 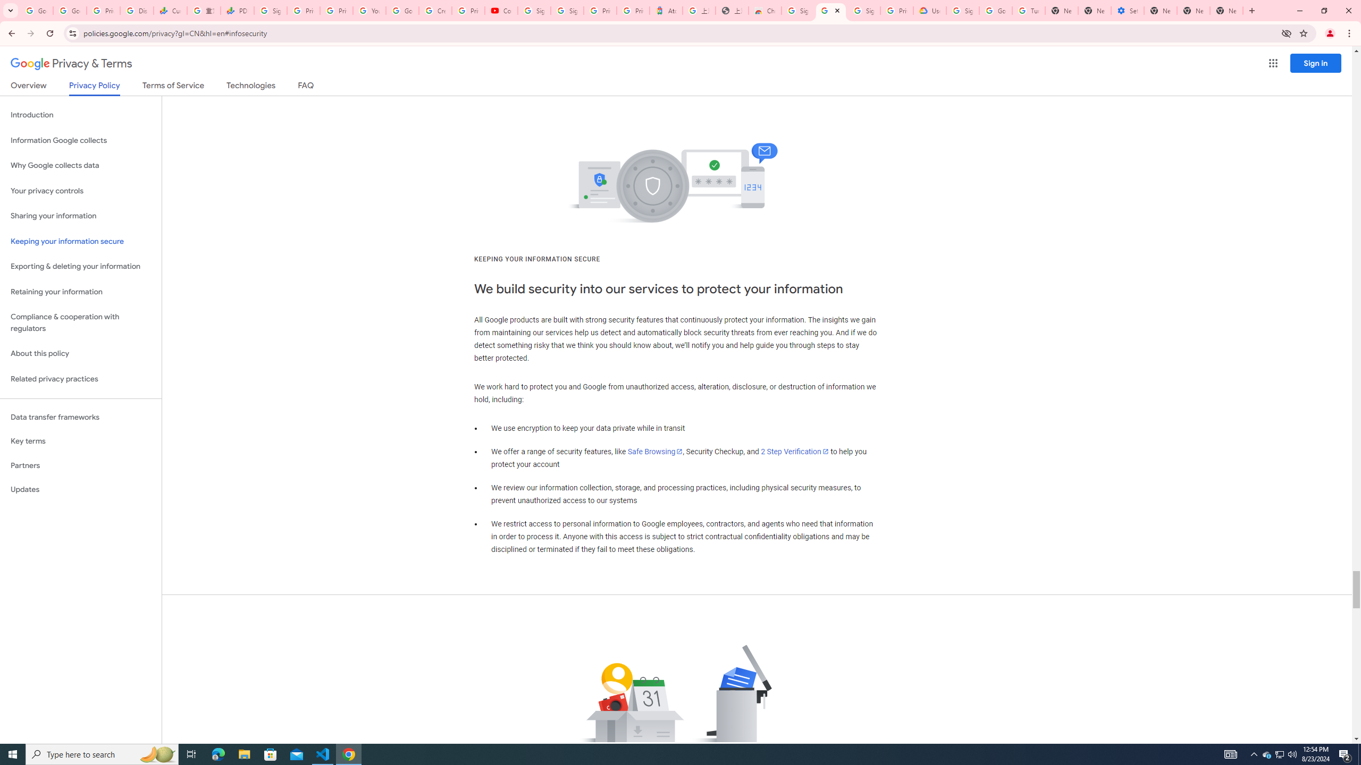 I want to click on 'Turn cookies on or off - Computer - Google Account Help', so click(x=1028, y=10).